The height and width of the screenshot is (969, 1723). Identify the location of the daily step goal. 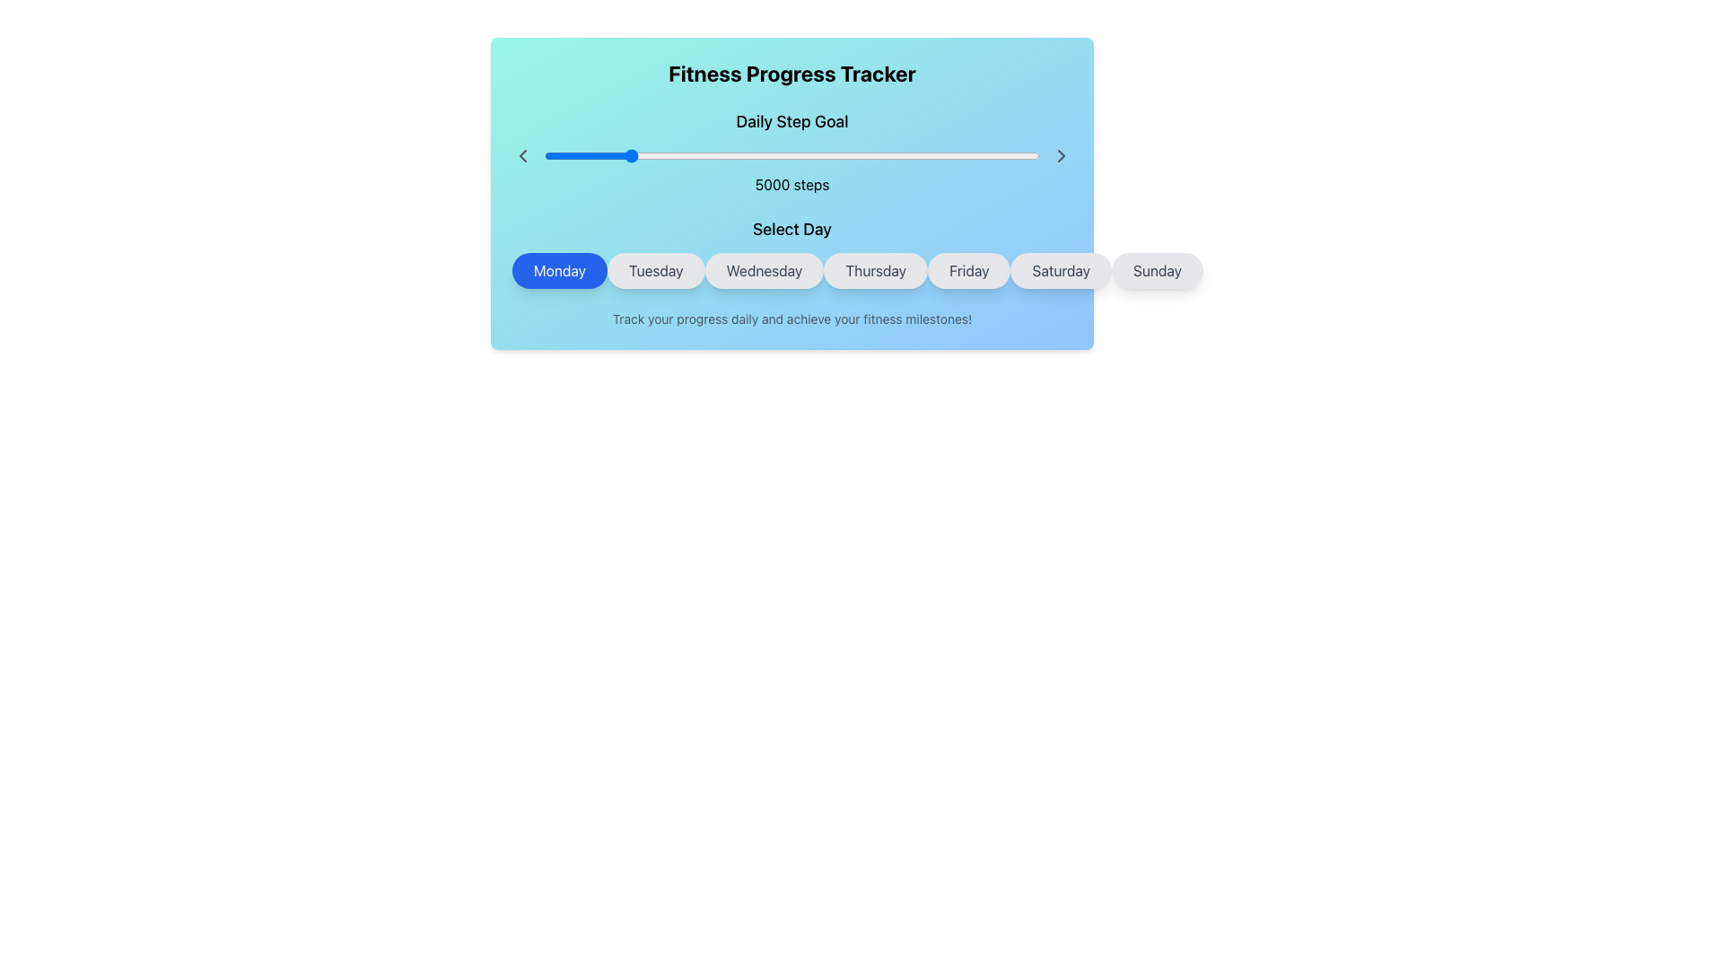
(899, 154).